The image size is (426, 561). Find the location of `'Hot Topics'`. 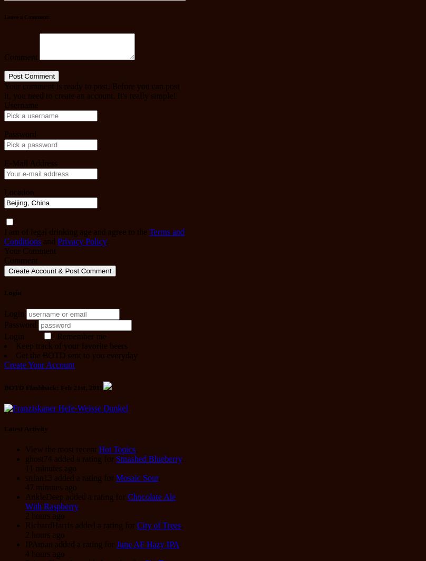

'Hot Topics' is located at coordinates (98, 449).